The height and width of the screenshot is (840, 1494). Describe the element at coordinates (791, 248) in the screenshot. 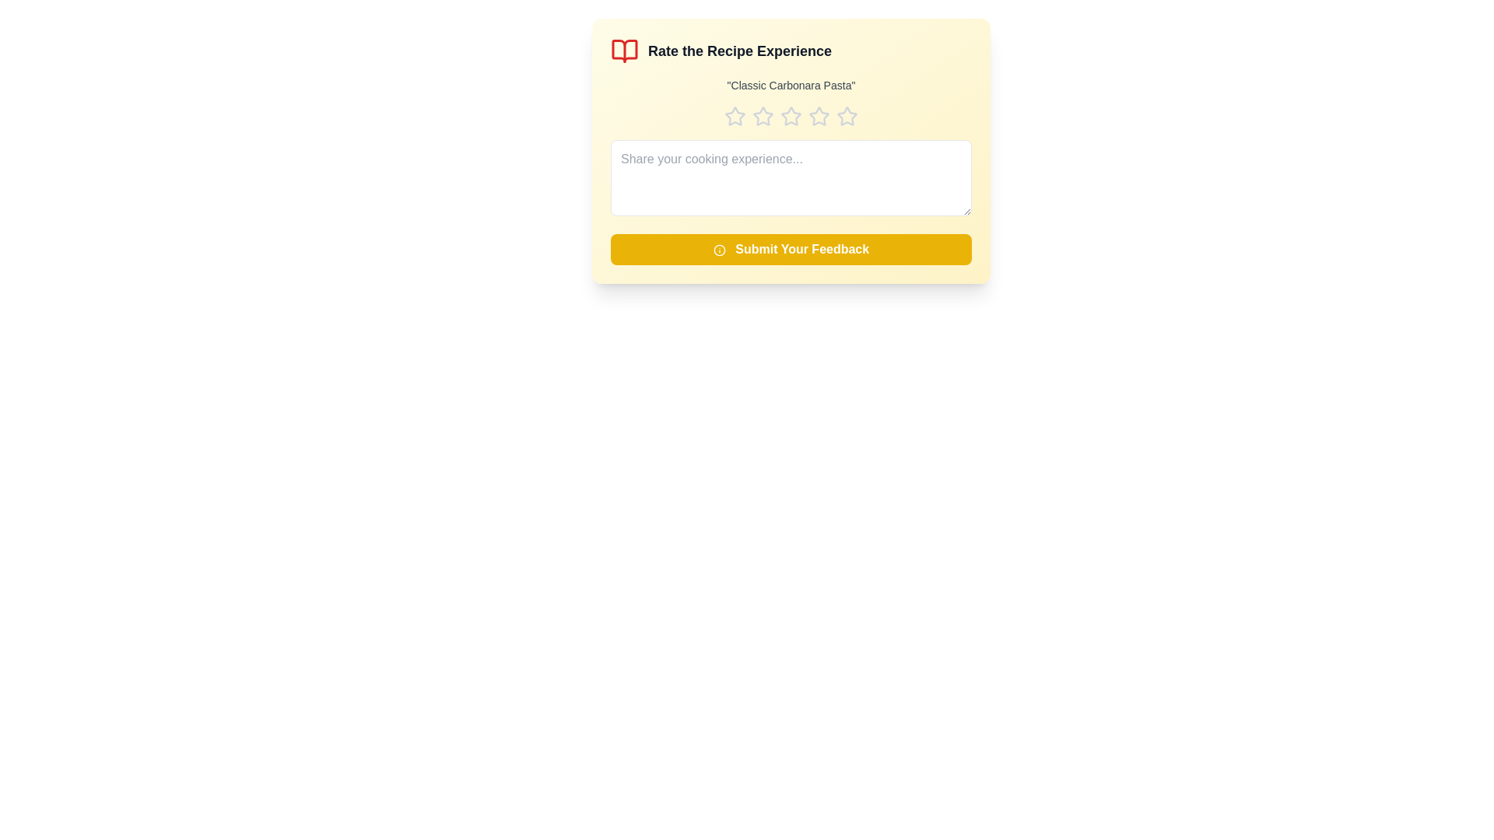

I see `'Submit Your Feedback' button to submit the feedback` at that location.